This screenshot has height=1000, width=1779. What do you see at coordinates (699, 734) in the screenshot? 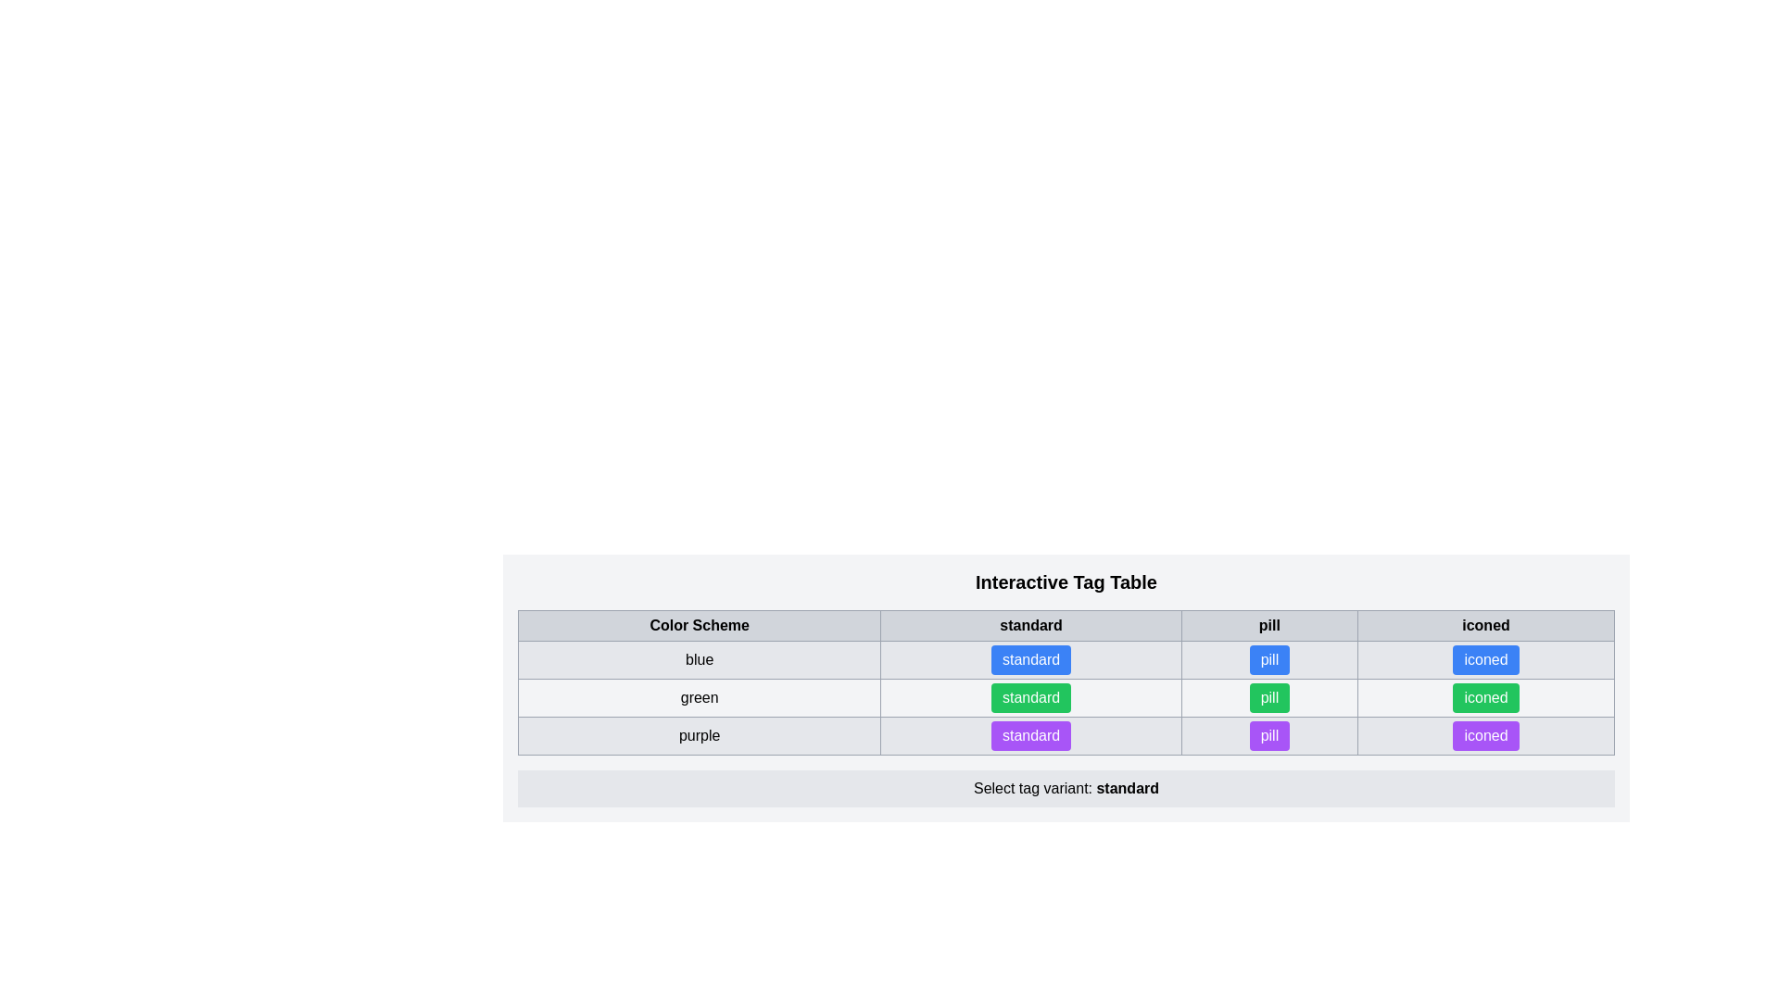
I see `the label that identifies the category 'purple' in the Color Scheme column of the table` at bounding box center [699, 734].